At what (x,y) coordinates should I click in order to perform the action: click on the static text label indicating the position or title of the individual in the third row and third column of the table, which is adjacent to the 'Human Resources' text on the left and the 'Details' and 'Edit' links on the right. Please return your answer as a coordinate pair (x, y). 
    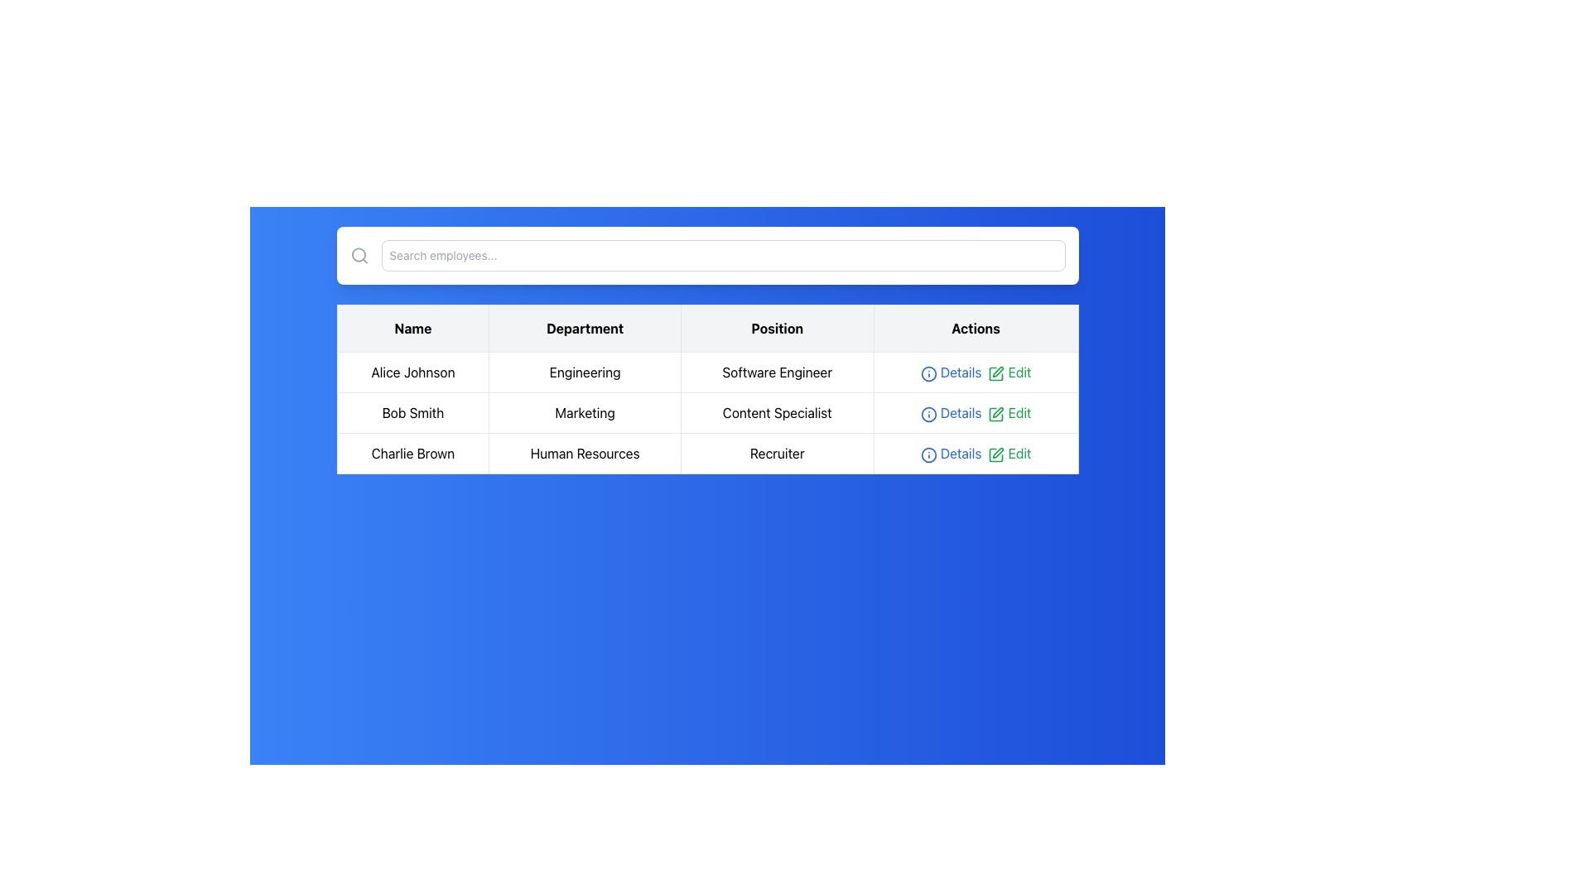
    Looking at the image, I should click on (776, 453).